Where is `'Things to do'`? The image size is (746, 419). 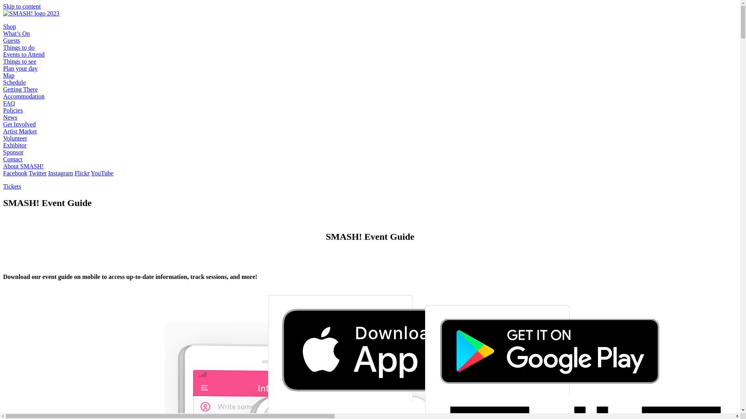 'Things to do' is located at coordinates (19, 47).